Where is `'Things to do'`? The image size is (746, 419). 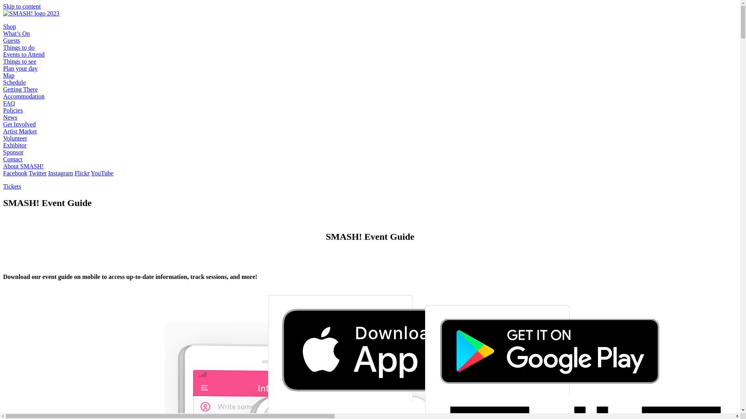 'Things to do' is located at coordinates (19, 47).